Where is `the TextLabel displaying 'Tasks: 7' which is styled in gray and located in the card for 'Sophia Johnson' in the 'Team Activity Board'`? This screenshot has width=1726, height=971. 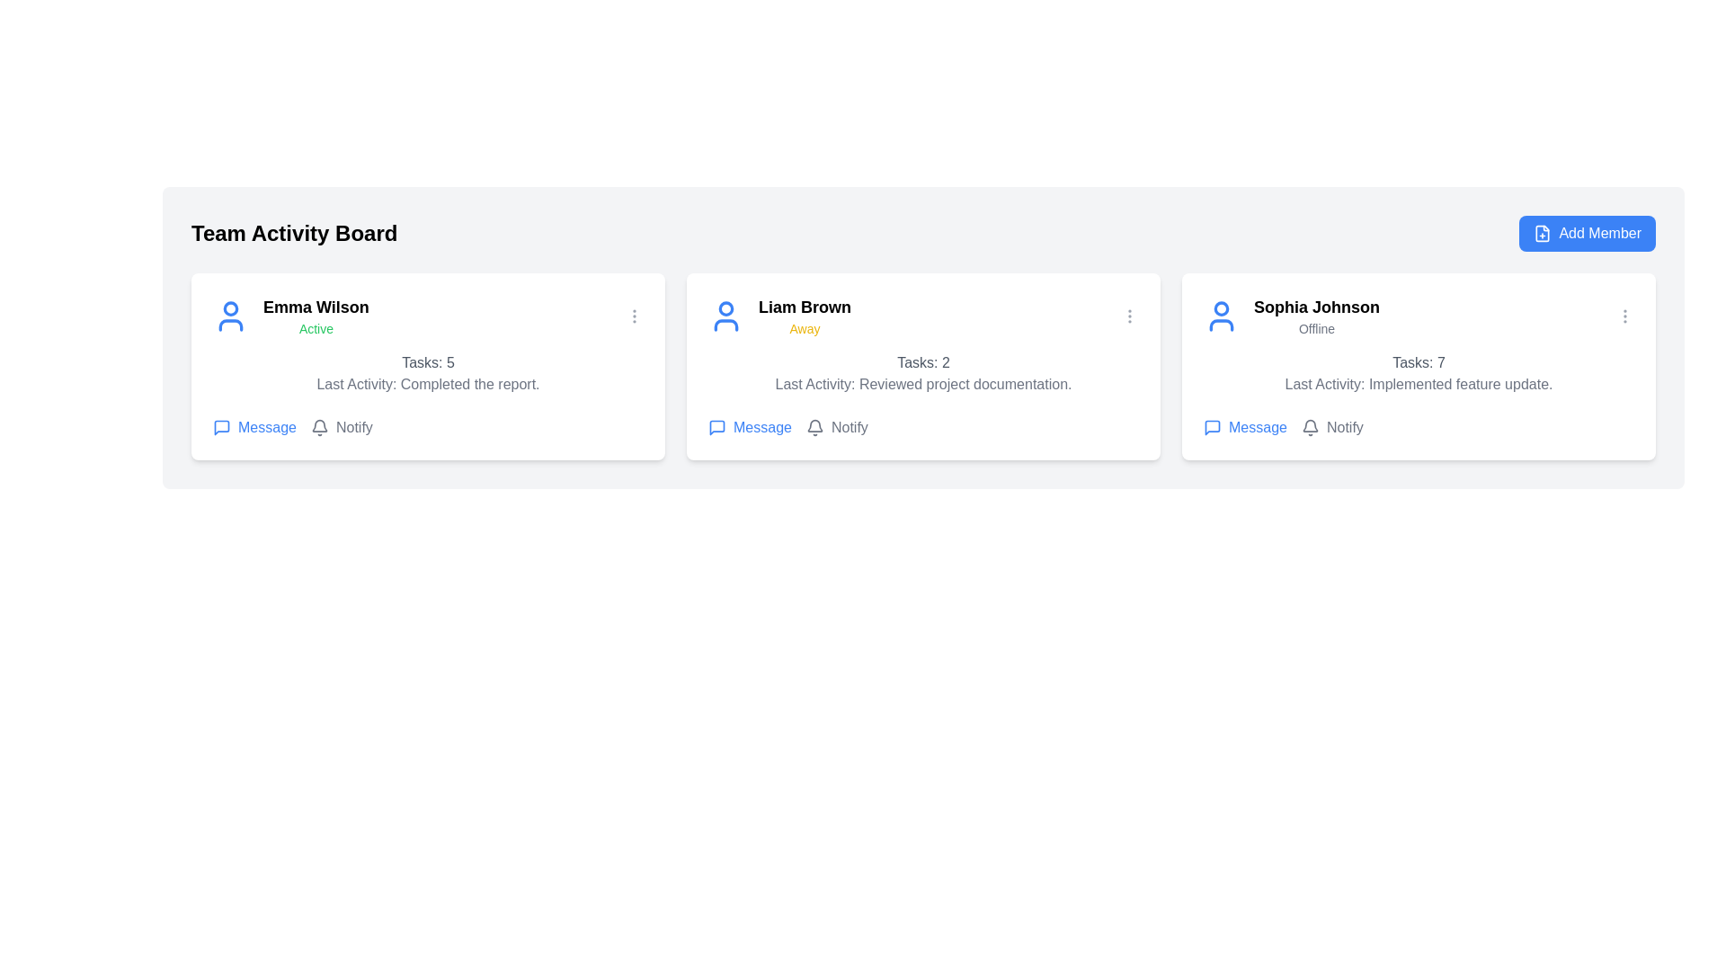
the TextLabel displaying 'Tasks: 7' which is styled in gray and located in the card for 'Sophia Johnson' in the 'Team Activity Board' is located at coordinates (1418, 363).